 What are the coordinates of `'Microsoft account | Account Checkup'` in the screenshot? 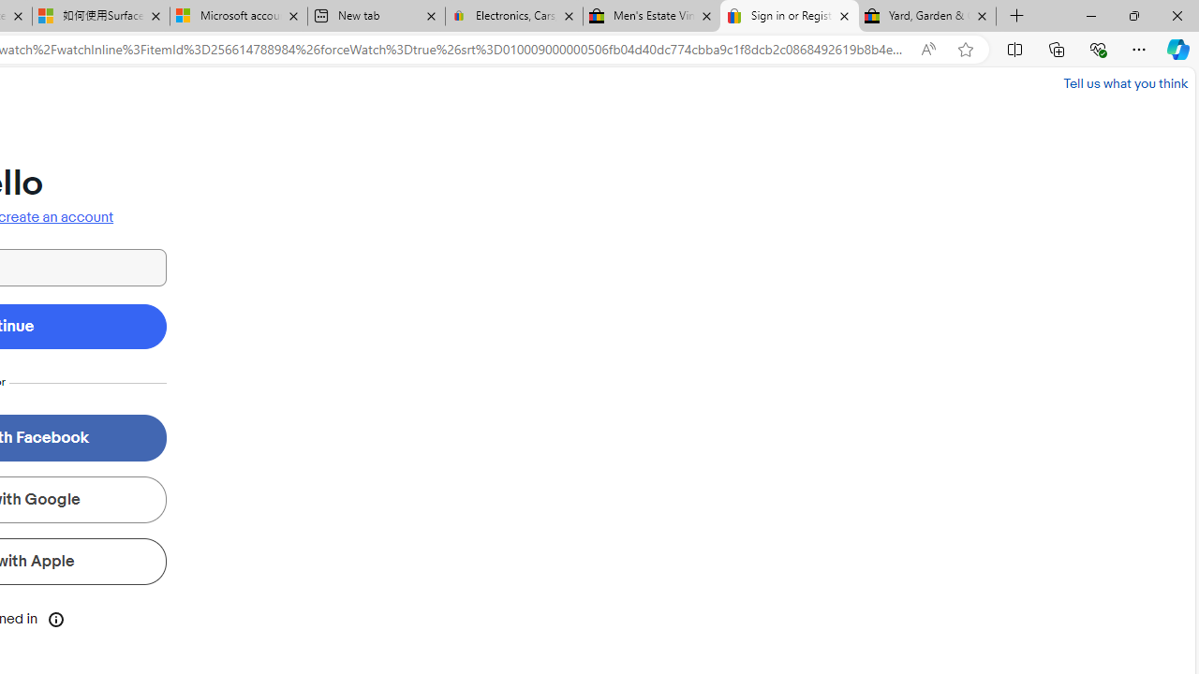 It's located at (237, 16).